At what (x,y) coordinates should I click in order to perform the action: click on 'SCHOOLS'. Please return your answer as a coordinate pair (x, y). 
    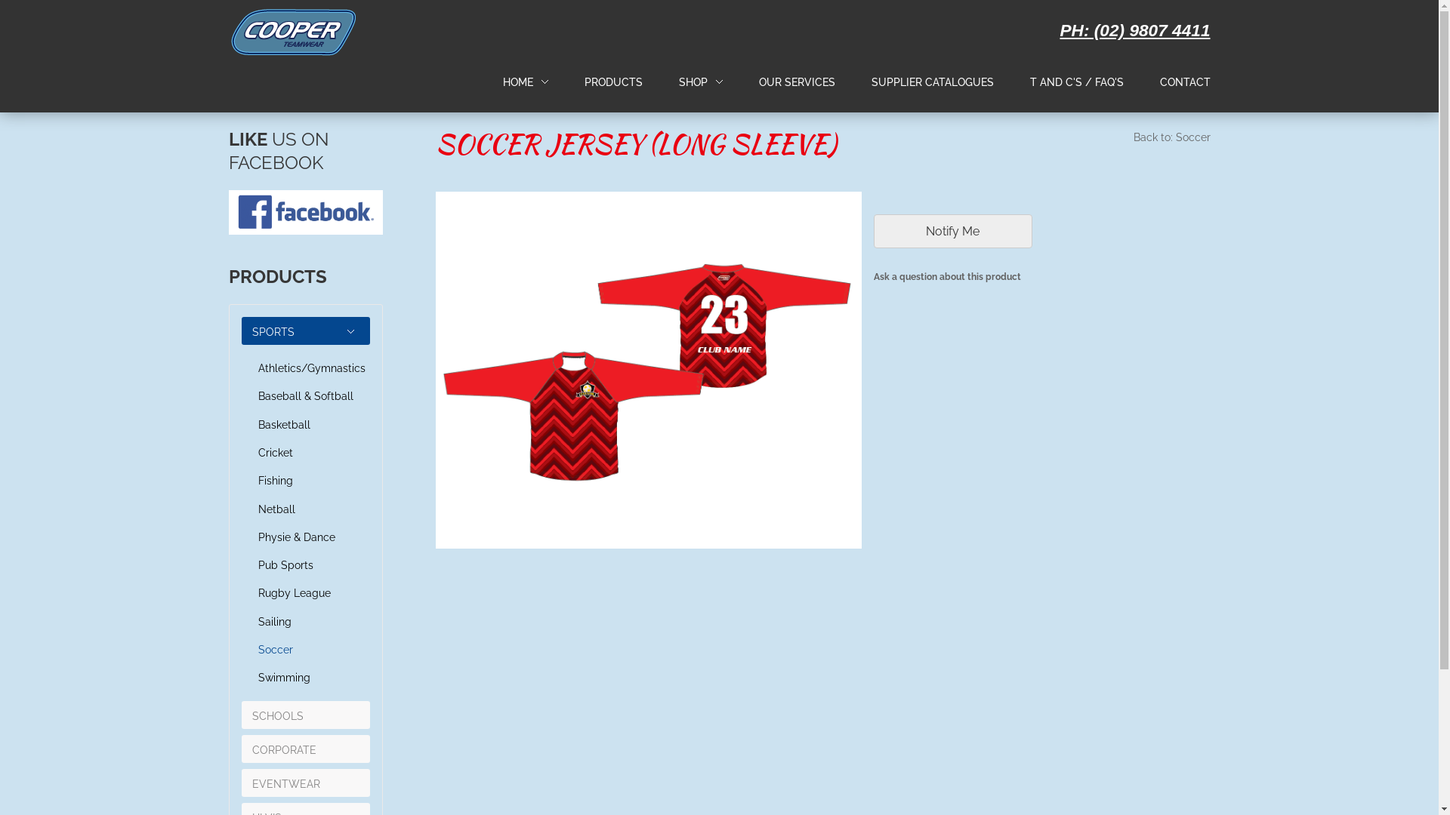
    Looking at the image, I should click on (278, 715).